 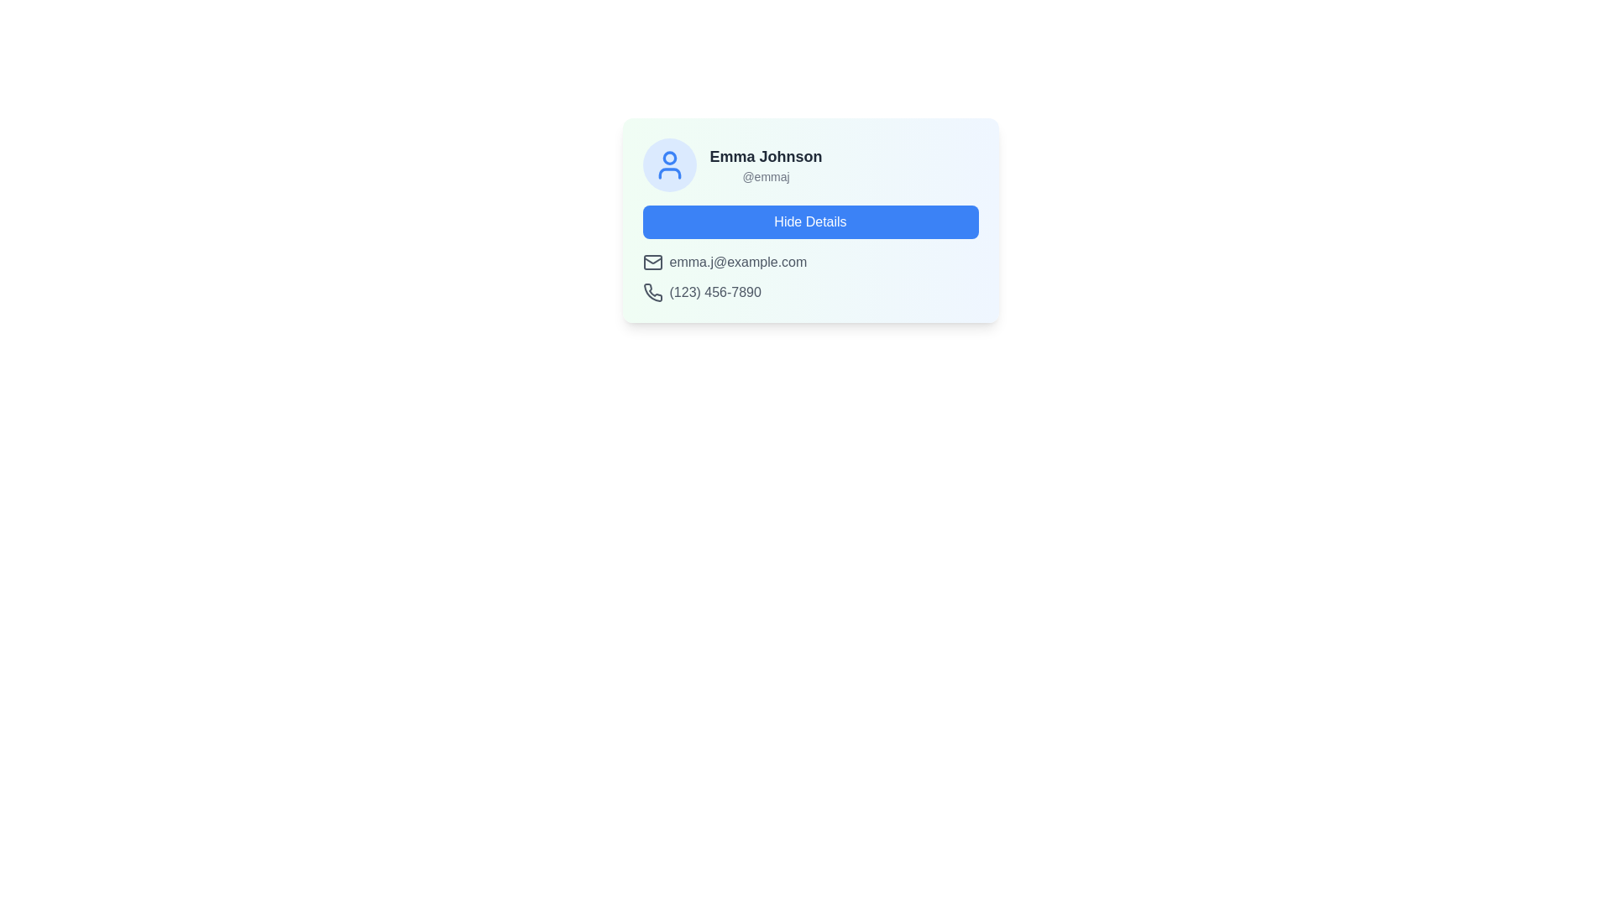 I want to click on the static text displaying '(123) 456-7890', which is styled in gray and positioned adjacent to a phone icon, so click(x=715, y=291).